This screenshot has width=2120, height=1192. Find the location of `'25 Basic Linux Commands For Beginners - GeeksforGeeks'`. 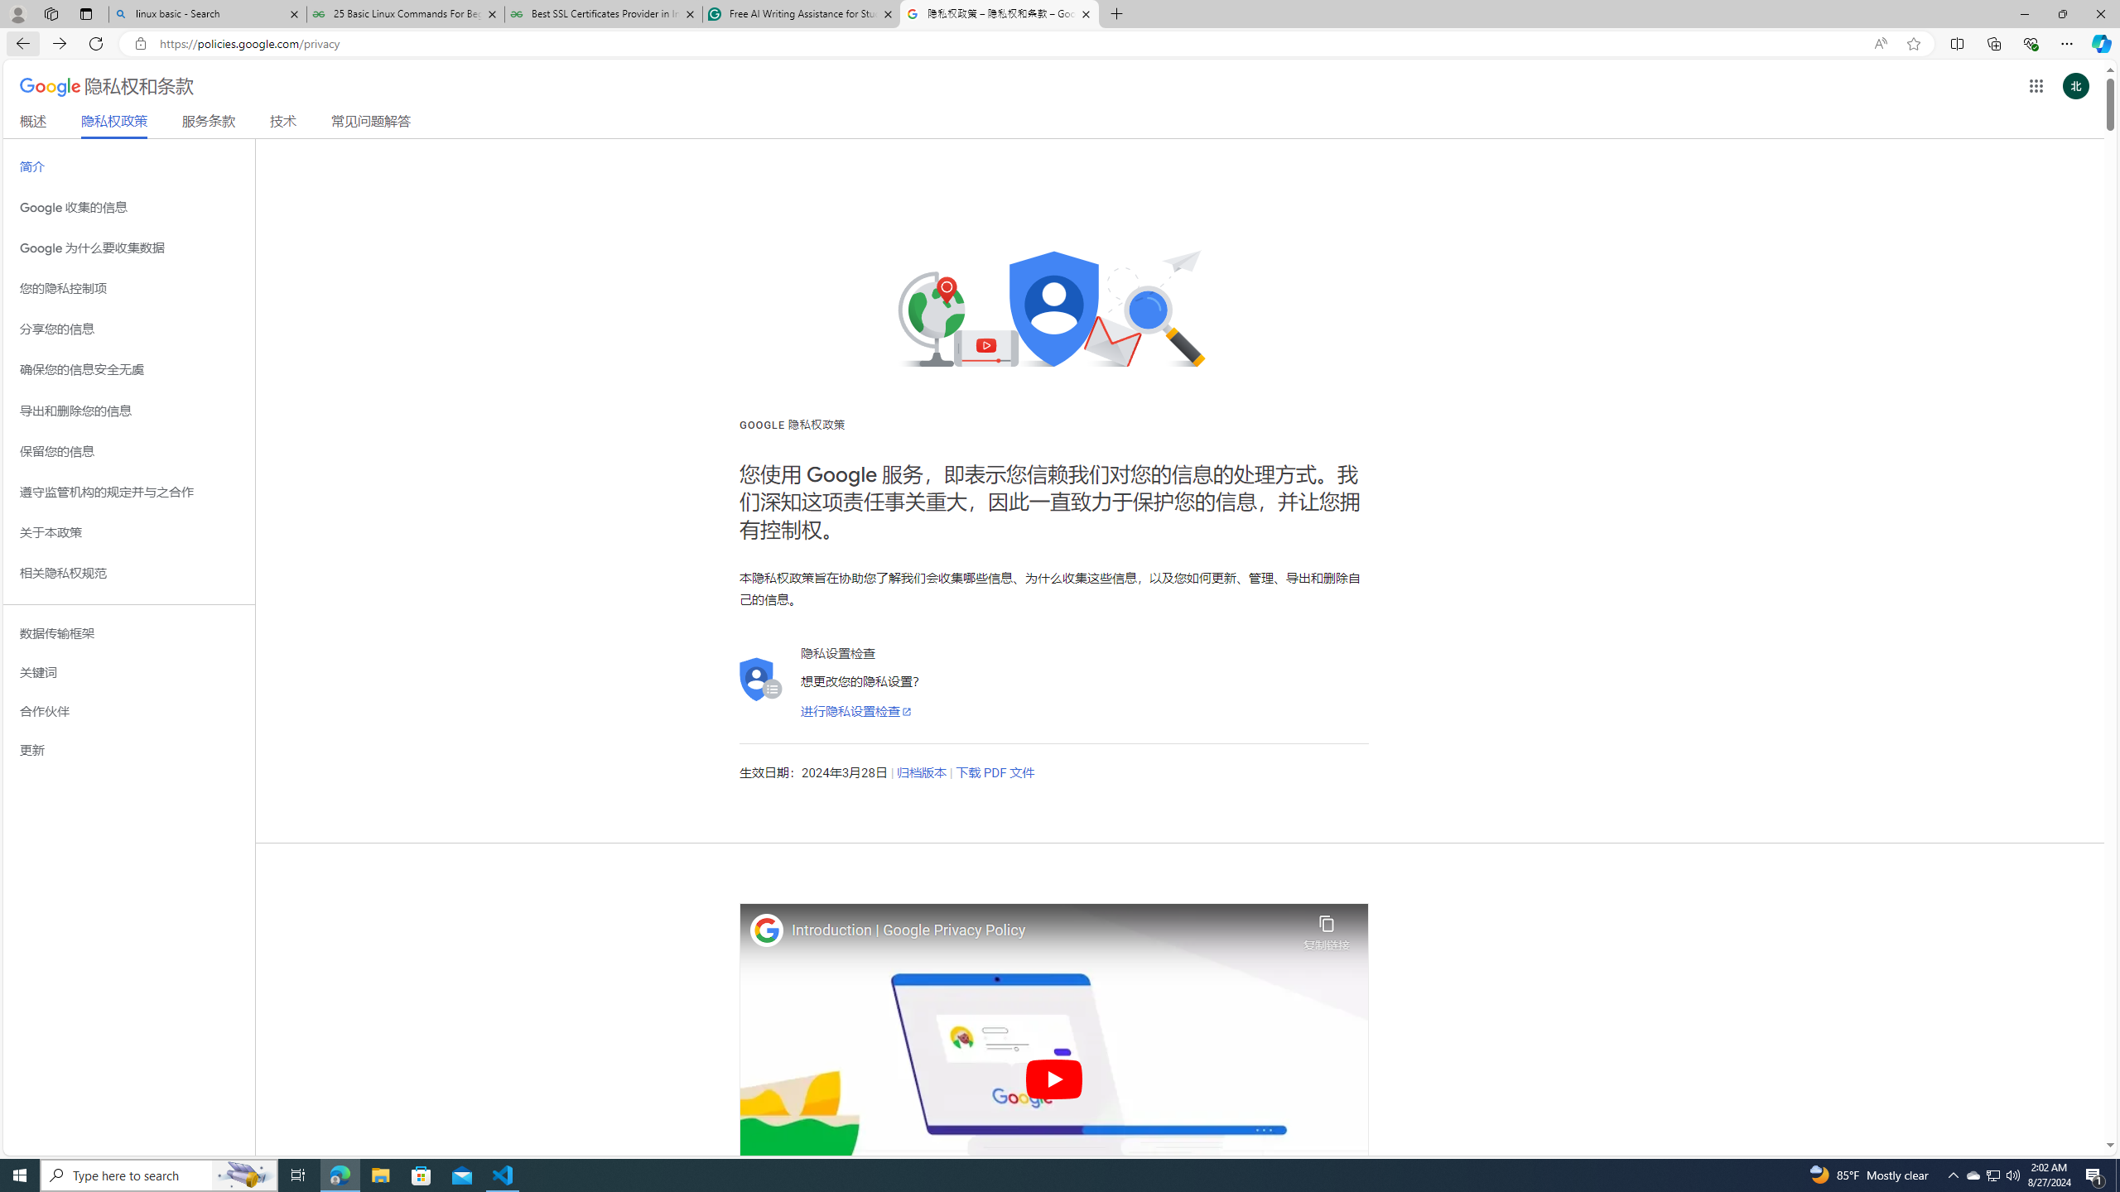

'25 Basic Linux Commands For Beginners - GeeksforGeeks' is located at coordinates (404, 13).